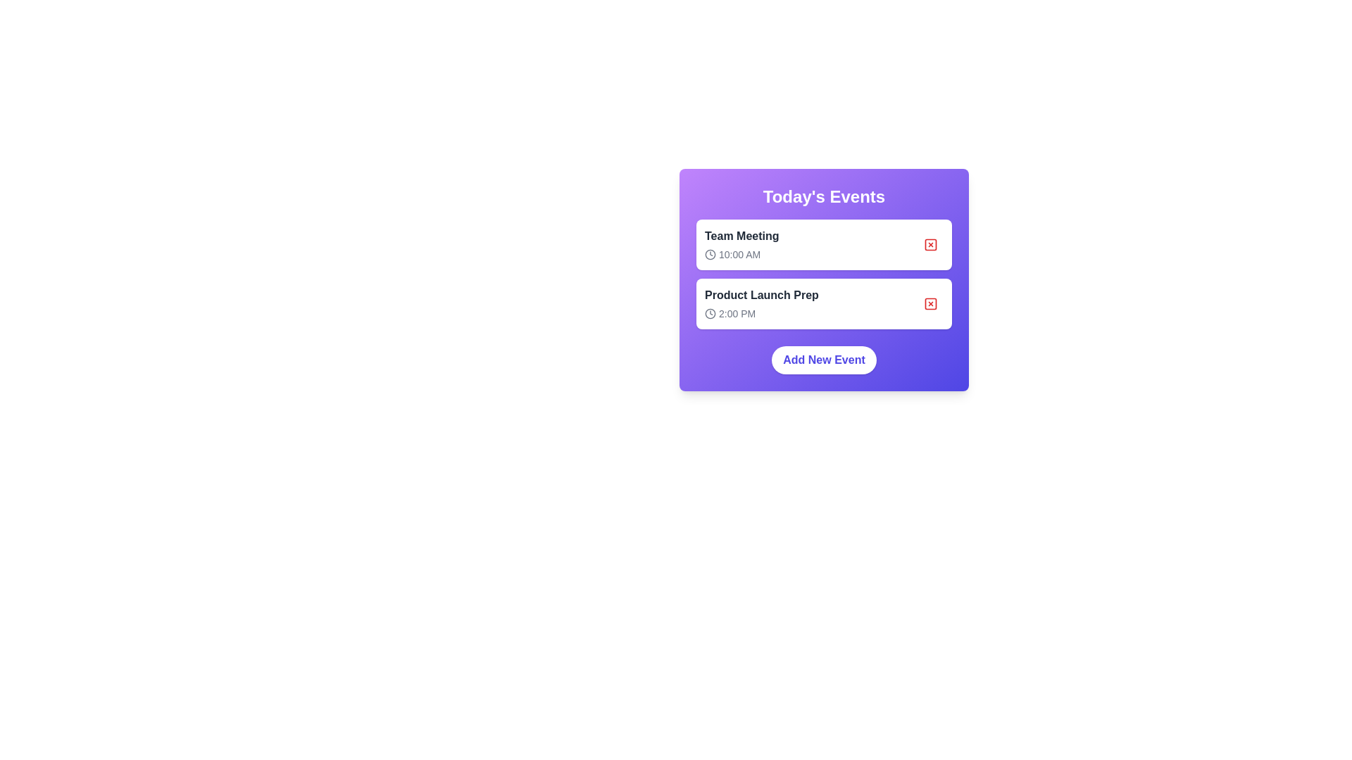 The height and width of the screenshot is (760, 1352). I want to click on the delete button for the event 'Product Launch Prep' at '2:00 PM', which is the second action button positioned to the far right of the card, so click(930, 303).